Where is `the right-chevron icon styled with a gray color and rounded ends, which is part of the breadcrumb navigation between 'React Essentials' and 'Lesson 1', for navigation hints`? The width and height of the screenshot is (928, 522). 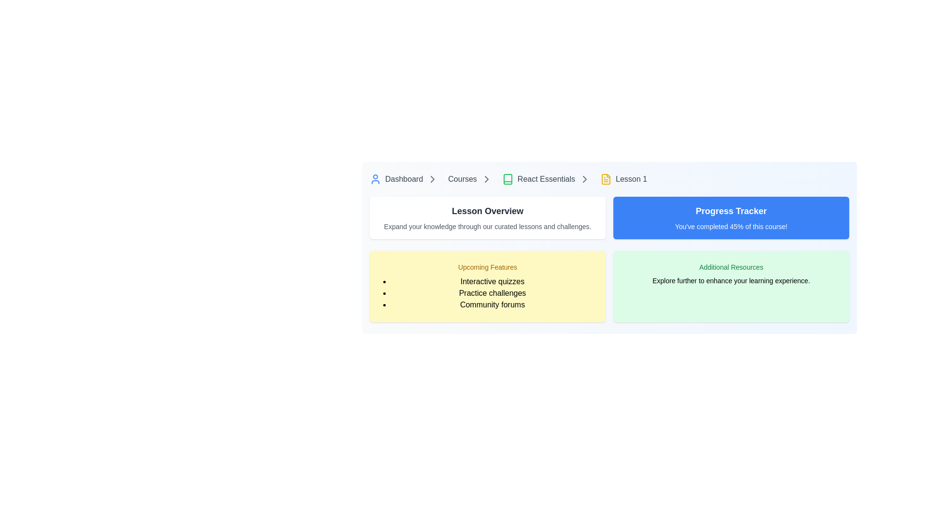
the right-chevron icon styled with a gray color and rounded ends, which is part of the breadcrumb navigation between 'React Essentials' and 'Lesson 1', for navigation hints is located at coordinates (584, 179).